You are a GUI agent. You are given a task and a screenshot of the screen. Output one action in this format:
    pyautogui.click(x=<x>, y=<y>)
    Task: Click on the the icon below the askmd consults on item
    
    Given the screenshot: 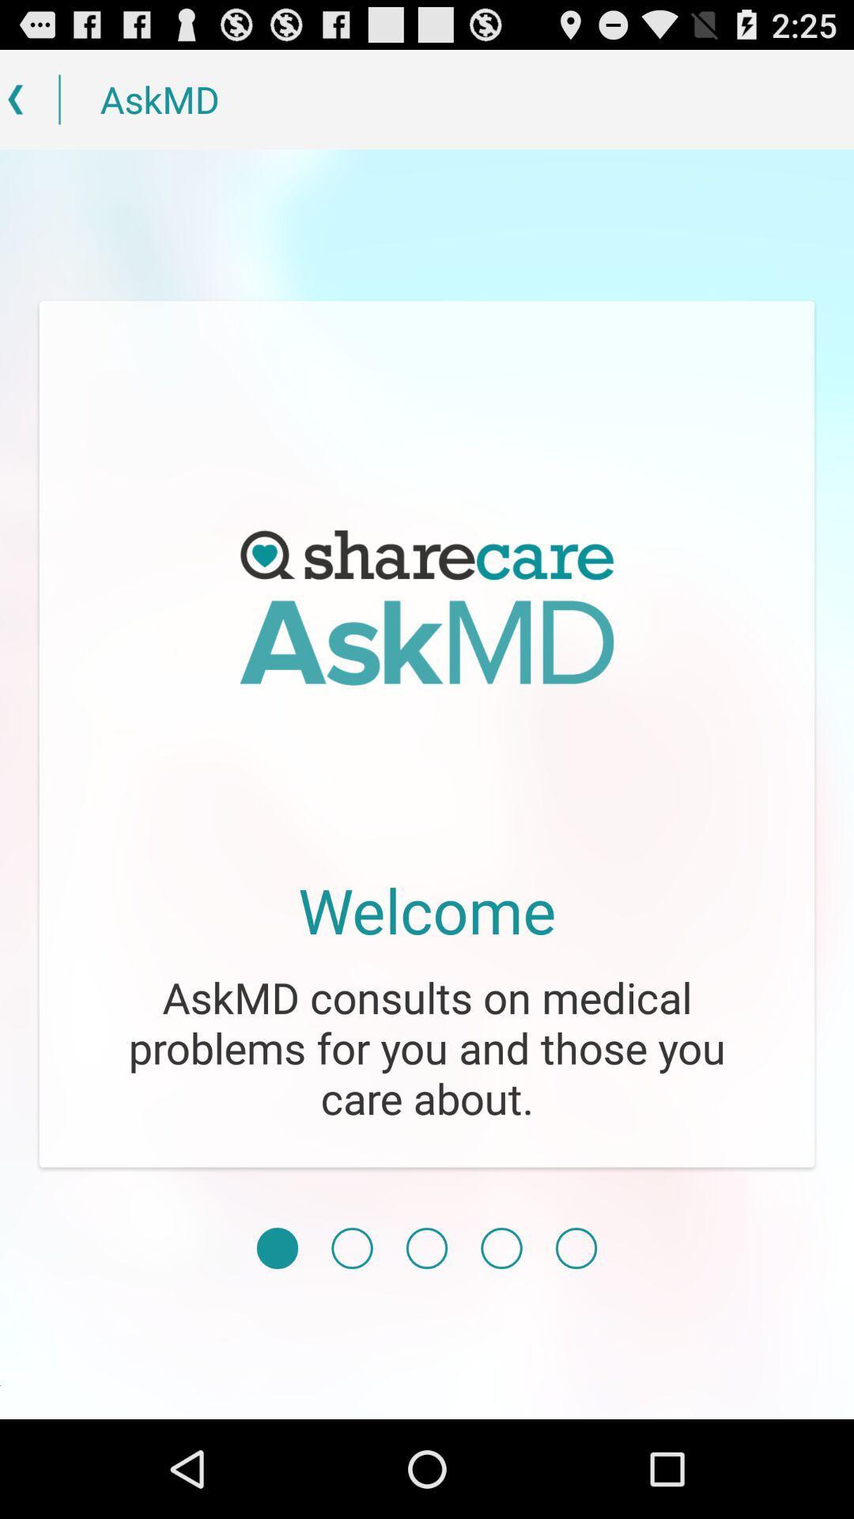 What is the action you would take?
    pyautogui.click(x=427, y=1248)
    